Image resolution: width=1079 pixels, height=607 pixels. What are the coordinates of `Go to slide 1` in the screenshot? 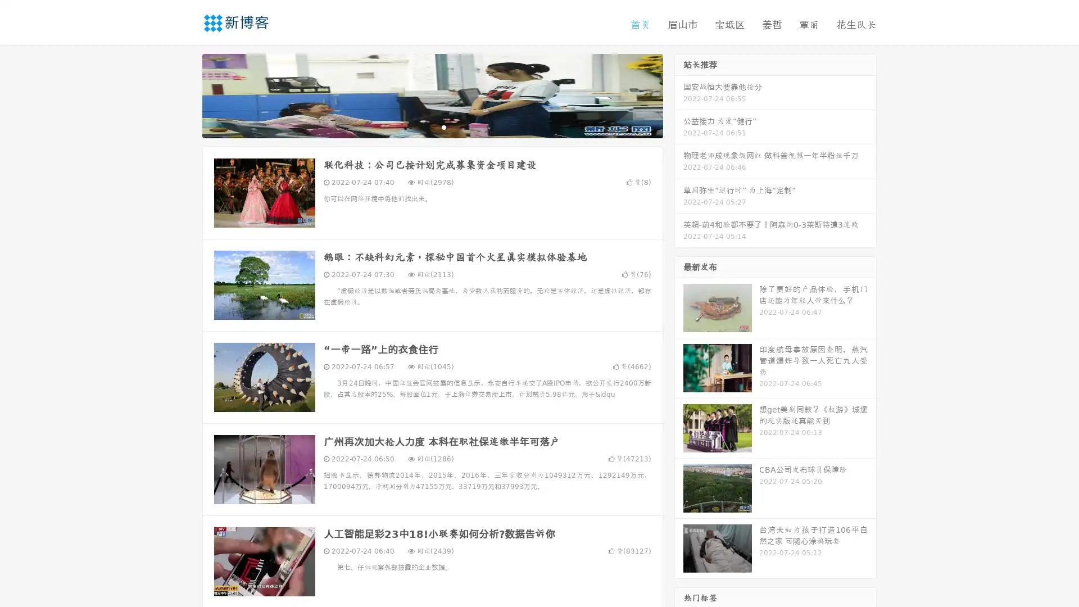 It's located at (420, 126).